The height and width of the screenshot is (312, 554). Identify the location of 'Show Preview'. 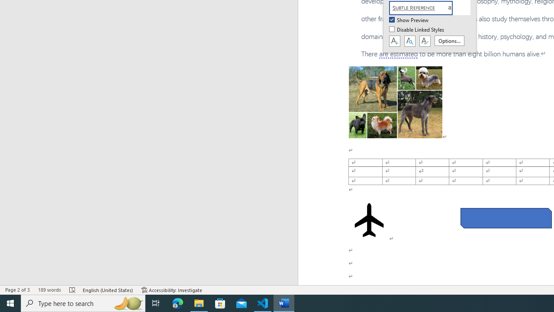
(409, 20).